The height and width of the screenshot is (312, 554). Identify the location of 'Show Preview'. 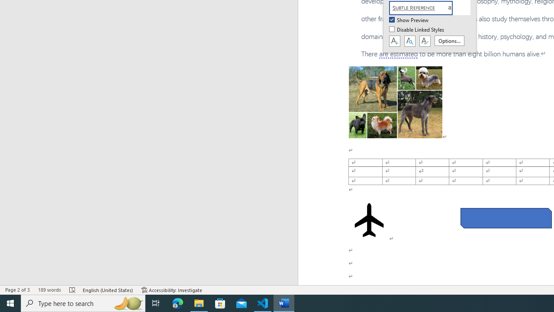
(409, 20).